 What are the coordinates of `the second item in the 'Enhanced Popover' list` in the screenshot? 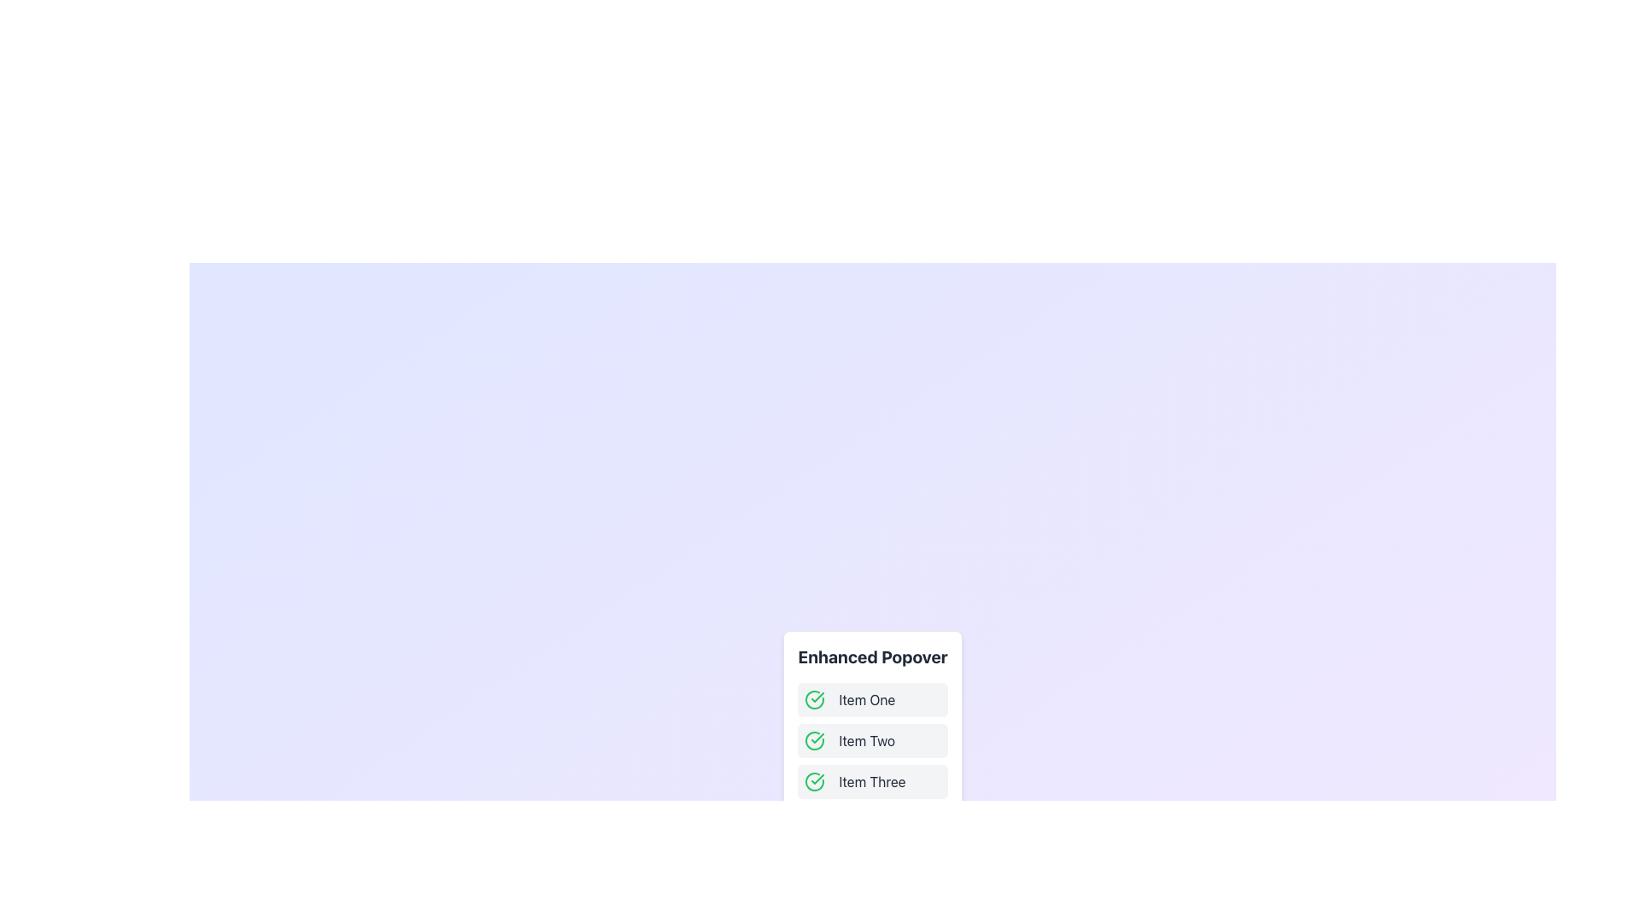 It's located at (873, 739).